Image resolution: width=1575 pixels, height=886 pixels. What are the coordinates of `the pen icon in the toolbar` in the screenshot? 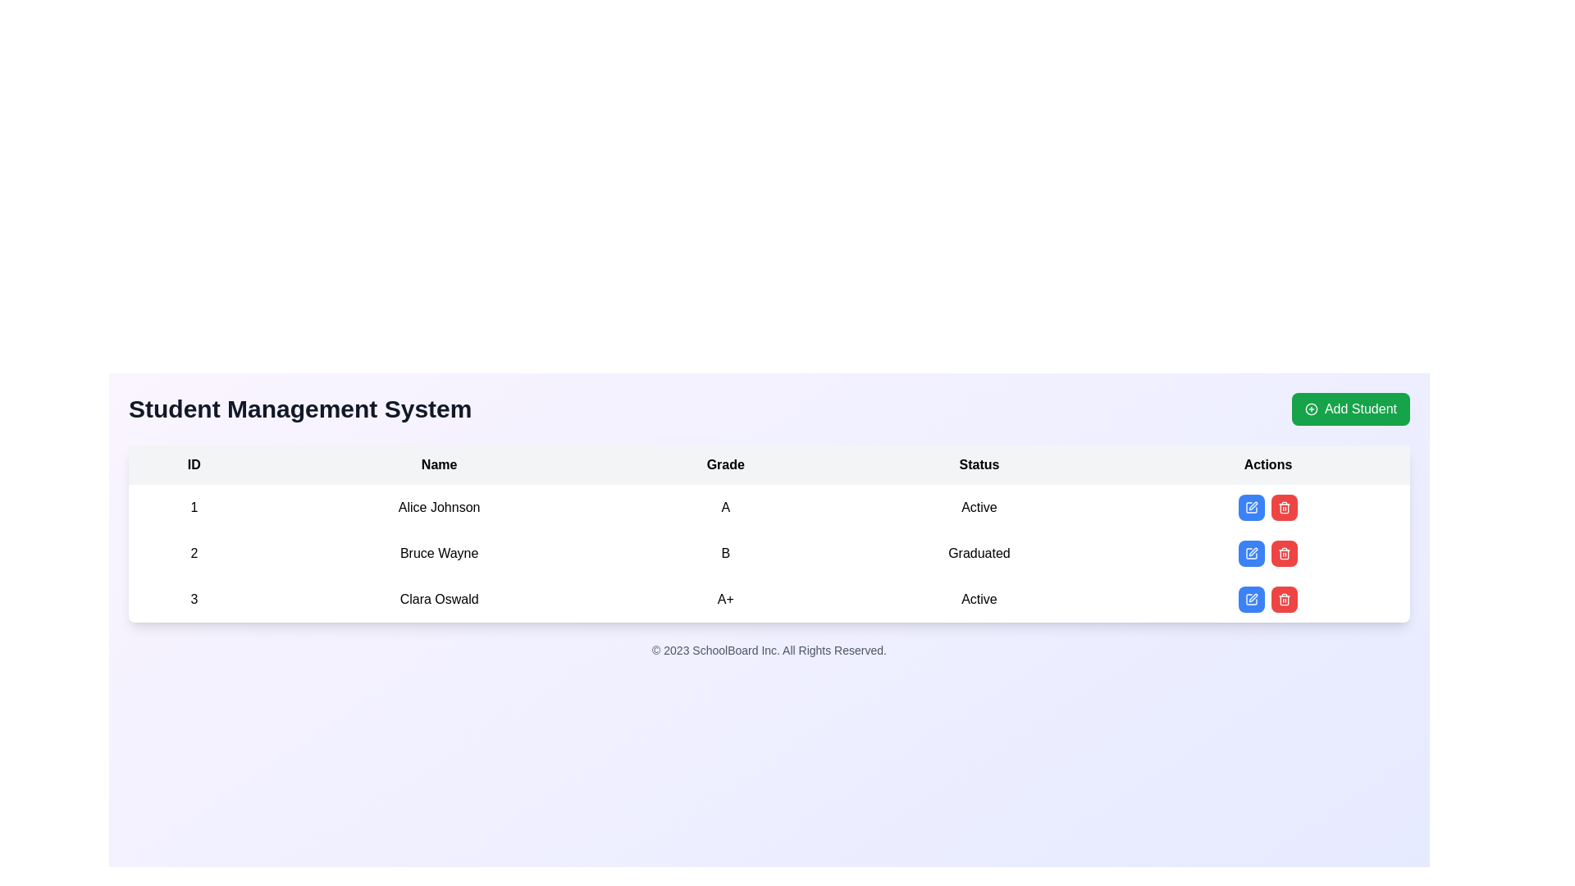 It's located at (1252, 551).